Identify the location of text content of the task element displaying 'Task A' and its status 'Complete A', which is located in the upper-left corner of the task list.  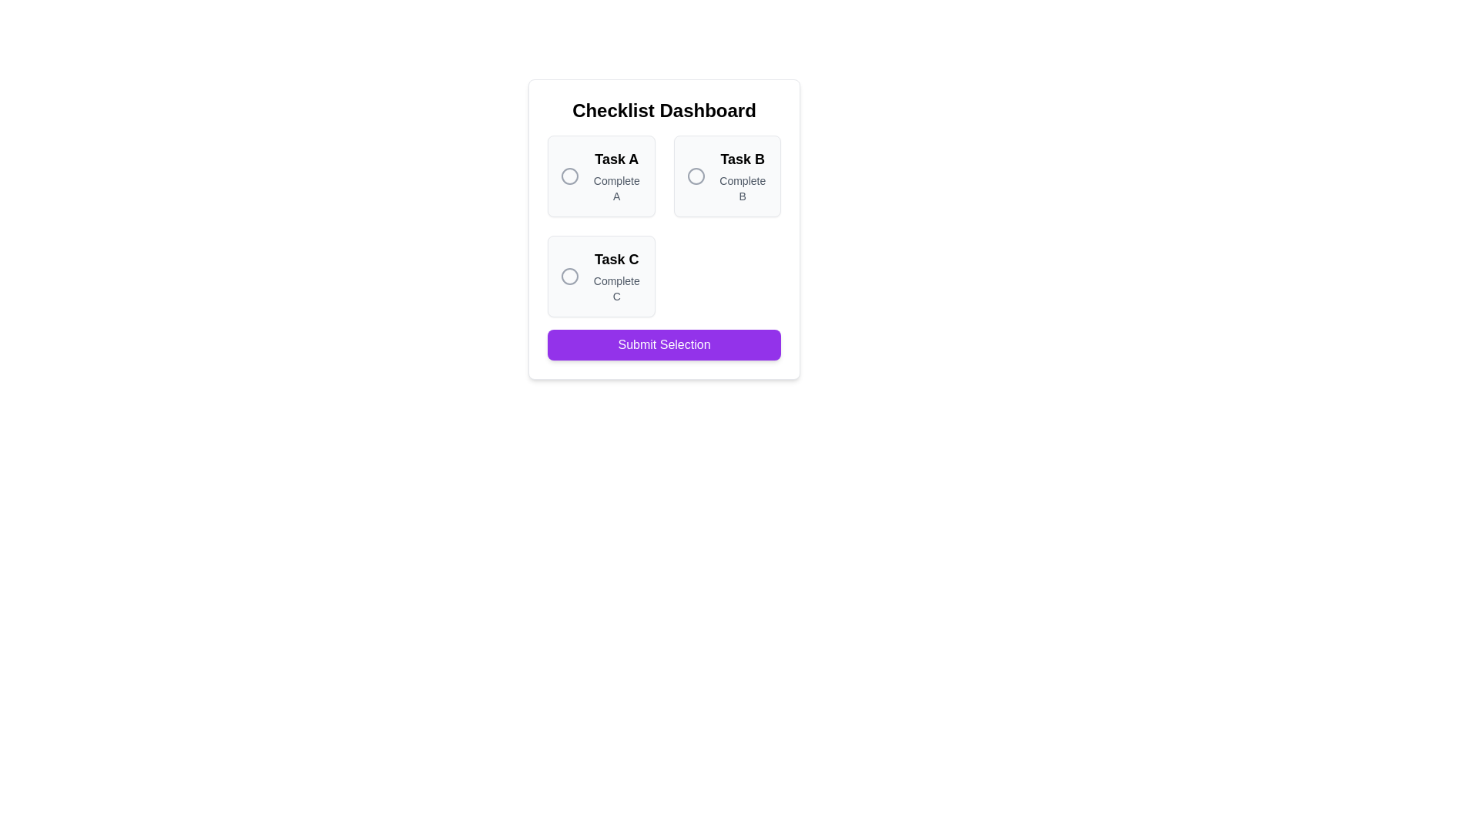
(616, 175).